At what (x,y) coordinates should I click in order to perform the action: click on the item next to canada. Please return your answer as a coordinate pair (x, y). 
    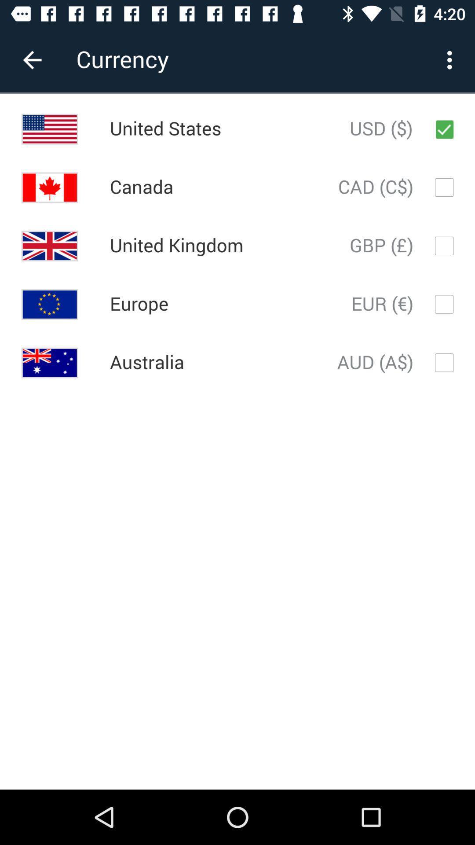
    Looking at the image, I should click on (376, 187).